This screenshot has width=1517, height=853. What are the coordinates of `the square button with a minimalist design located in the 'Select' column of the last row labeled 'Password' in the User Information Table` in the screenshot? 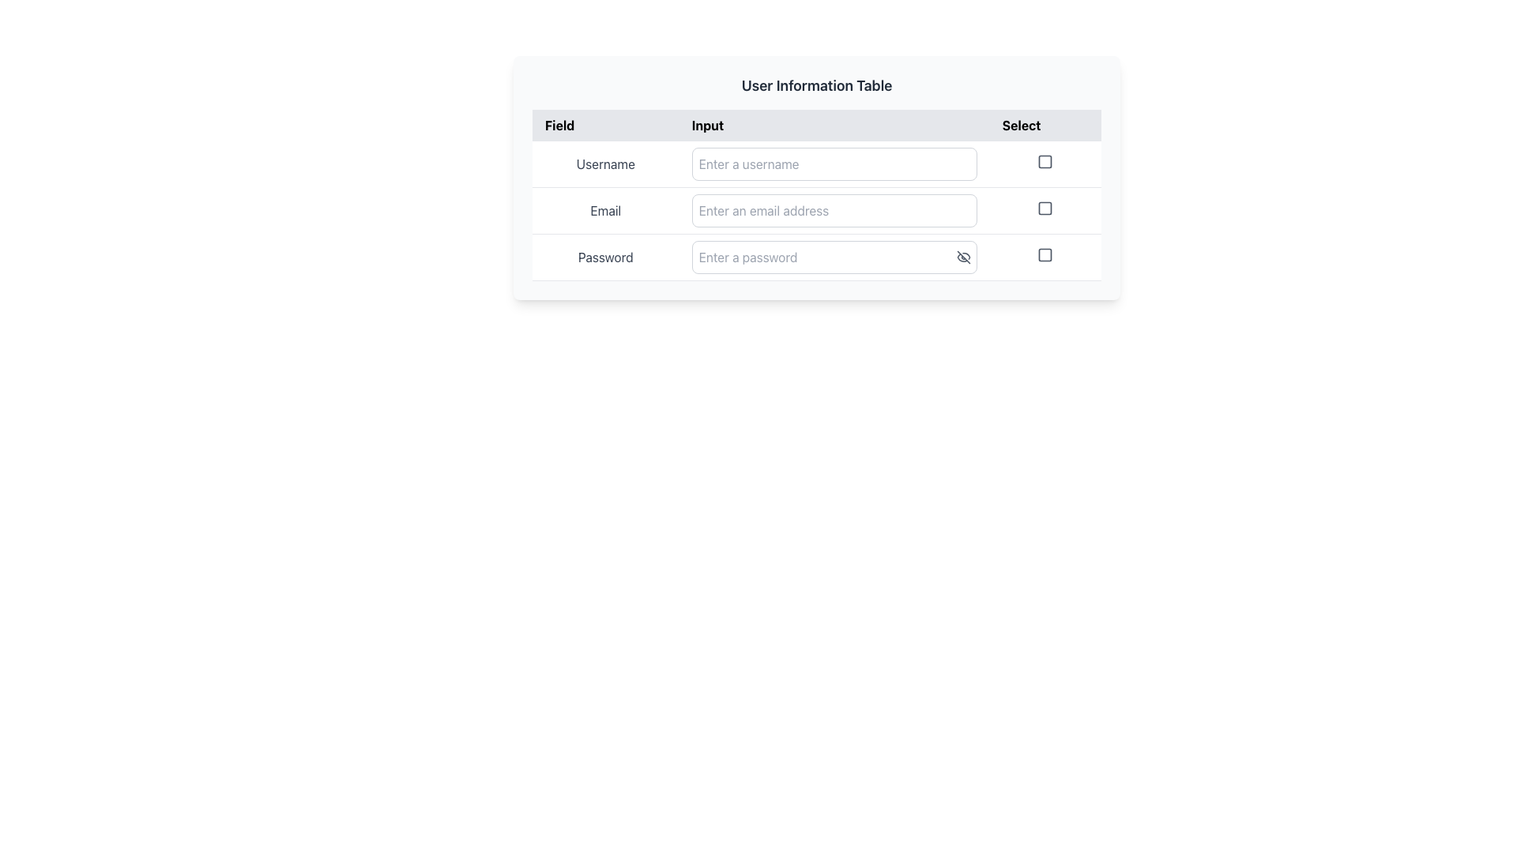 It's located at (1045, 254).